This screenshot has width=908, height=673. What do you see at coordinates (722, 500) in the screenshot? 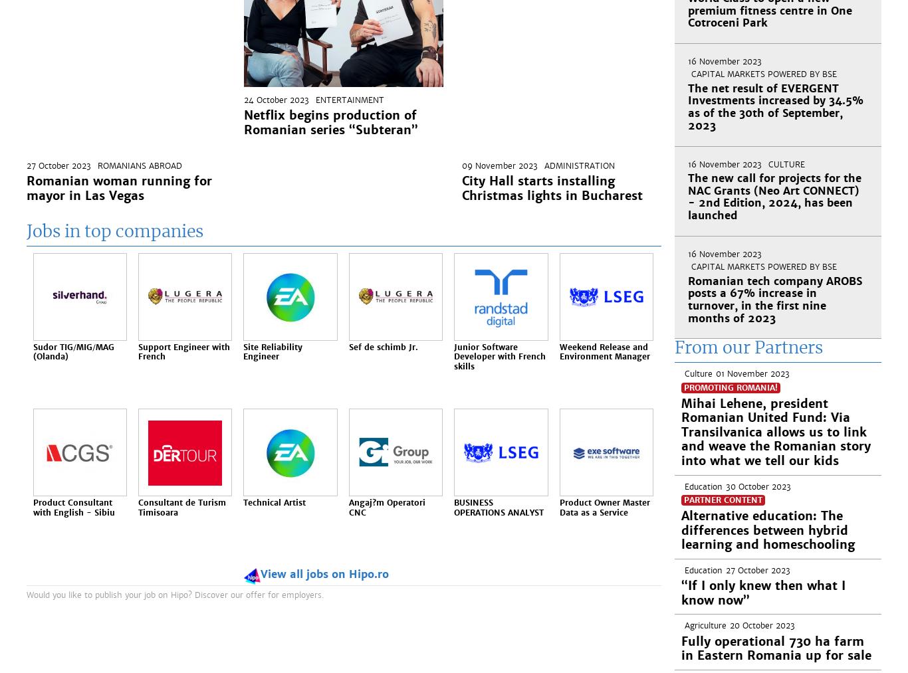
I see `'Partner Content'` at bounding box center [722, 500].